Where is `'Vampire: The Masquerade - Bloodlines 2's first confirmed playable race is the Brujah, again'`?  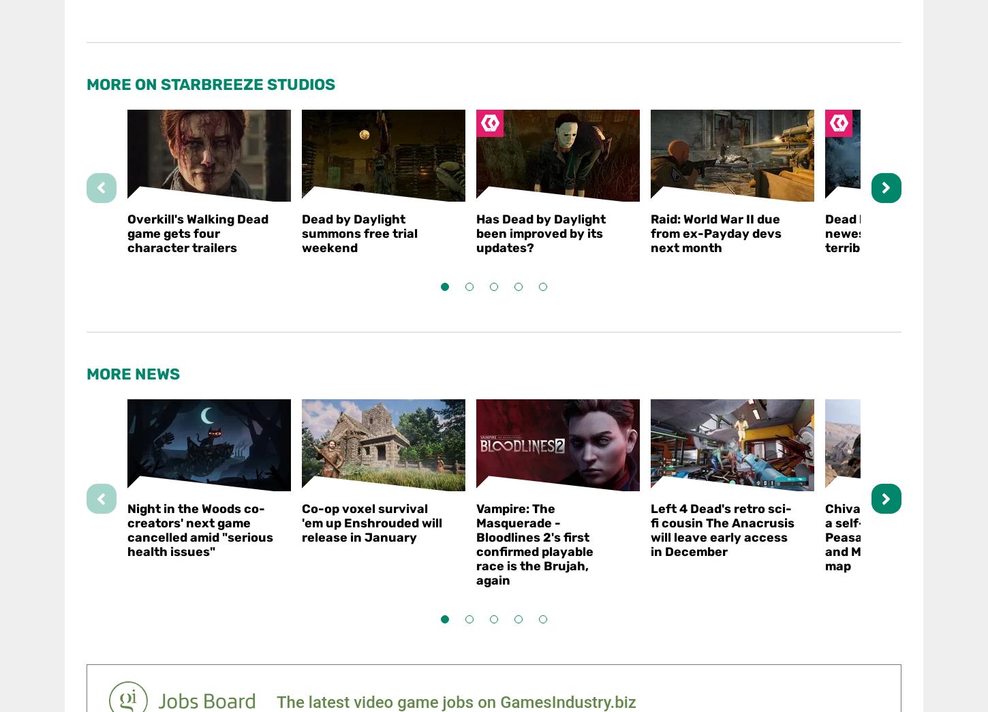 'Vampire: The Masquerade - Bloodlines 2's first confirmed playable race is the Brujah, again' is located at coordinates (535, 544).